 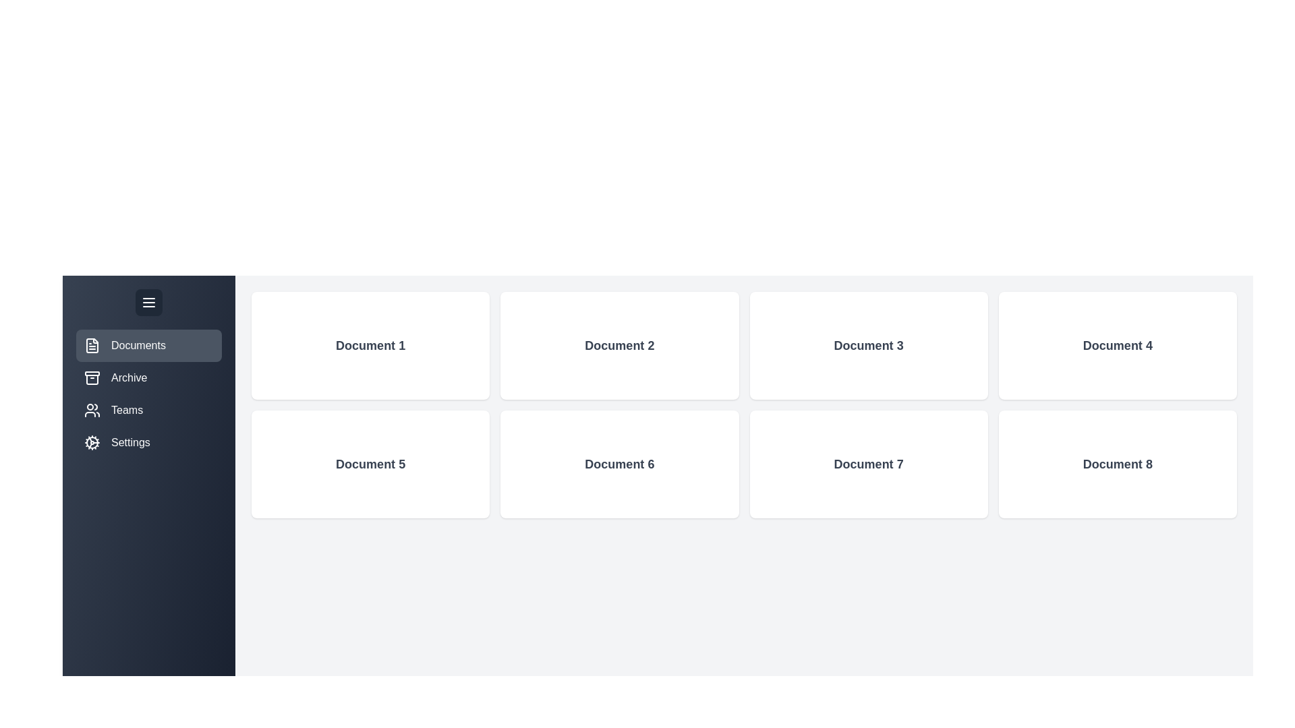 I want to click on the 'Archive' tab to navigate to it, so click(x=148, y=377).